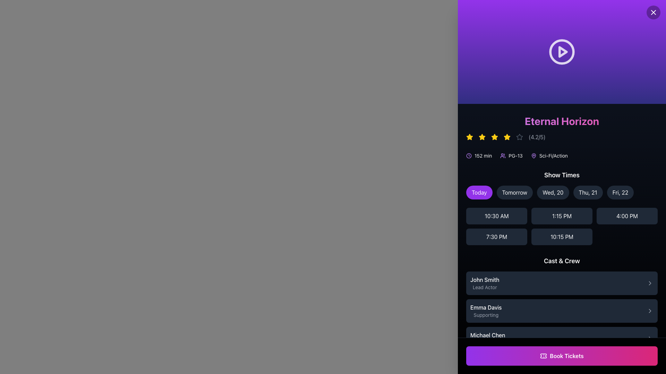 This screenshot has width=666, height=374. I want to click on the interactive card for 'Emma Davis - Supporting', so click(562, 311).